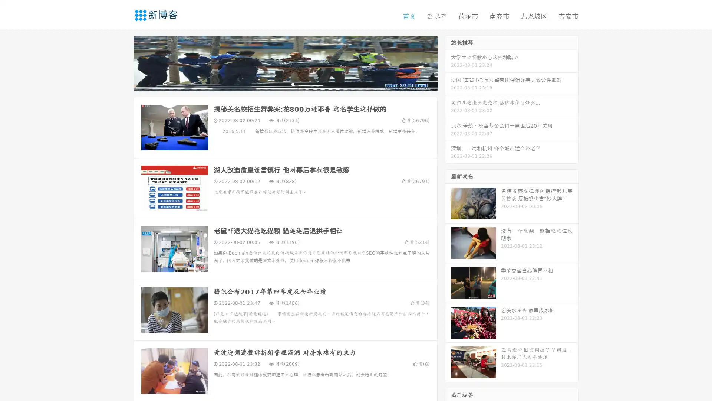 The height and width of the screenshot is (401, 712). What do you see at coordinates (122, 62) in the screenshot?
I see `Previous slide` at bounding box center [122, 62].